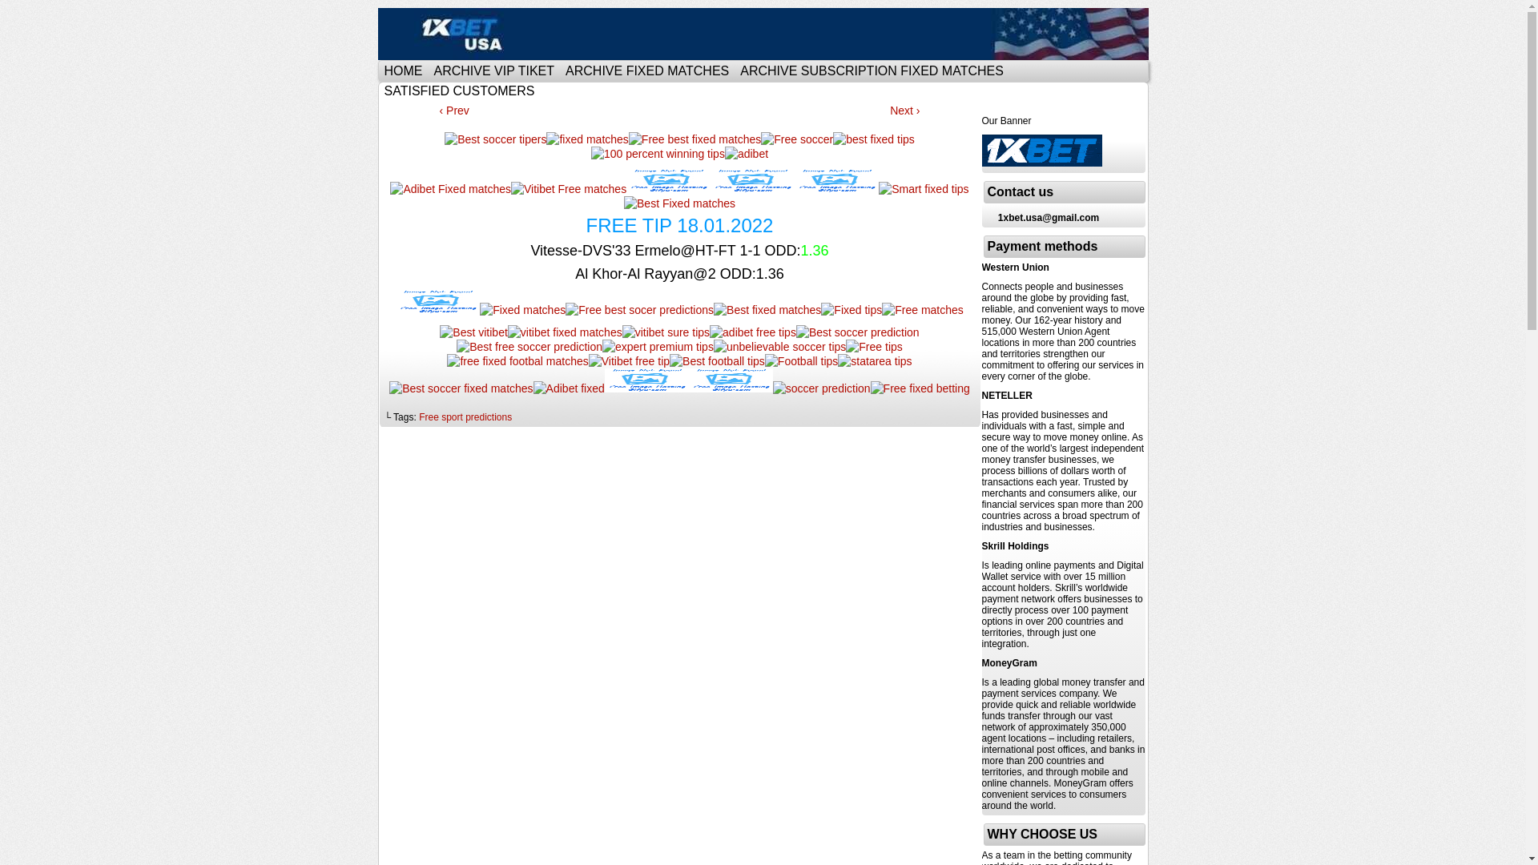  What do you see at coordinates (745, 154) in the screenshot?
I see `'adibet'` at bounding box center [745, 154].